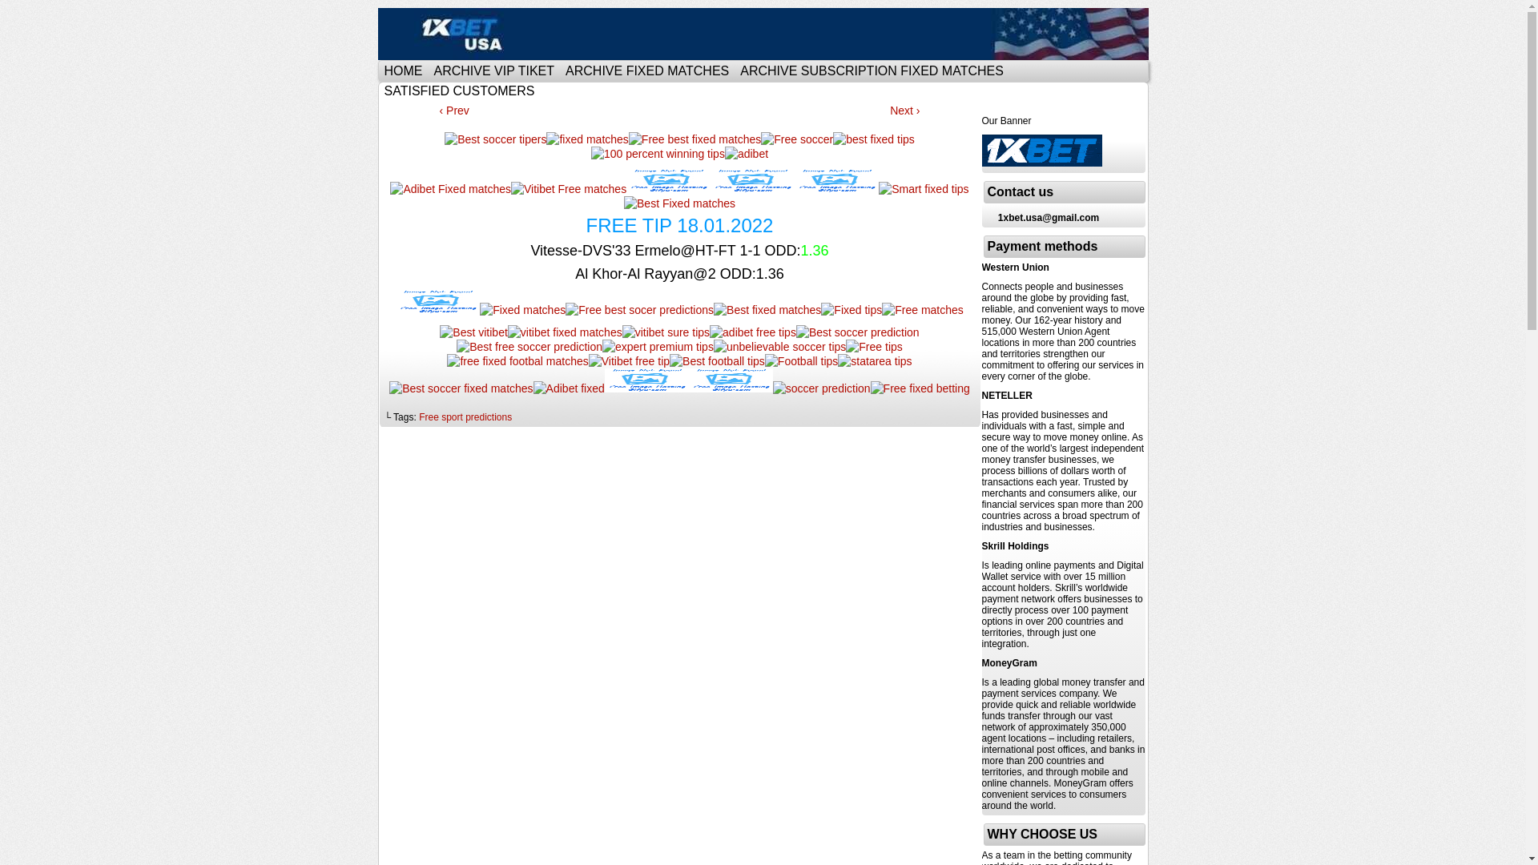  What do you see at coordinates (745, 154) in the screenshot?
I see `'adibet'` at bounding box center [745, 154].